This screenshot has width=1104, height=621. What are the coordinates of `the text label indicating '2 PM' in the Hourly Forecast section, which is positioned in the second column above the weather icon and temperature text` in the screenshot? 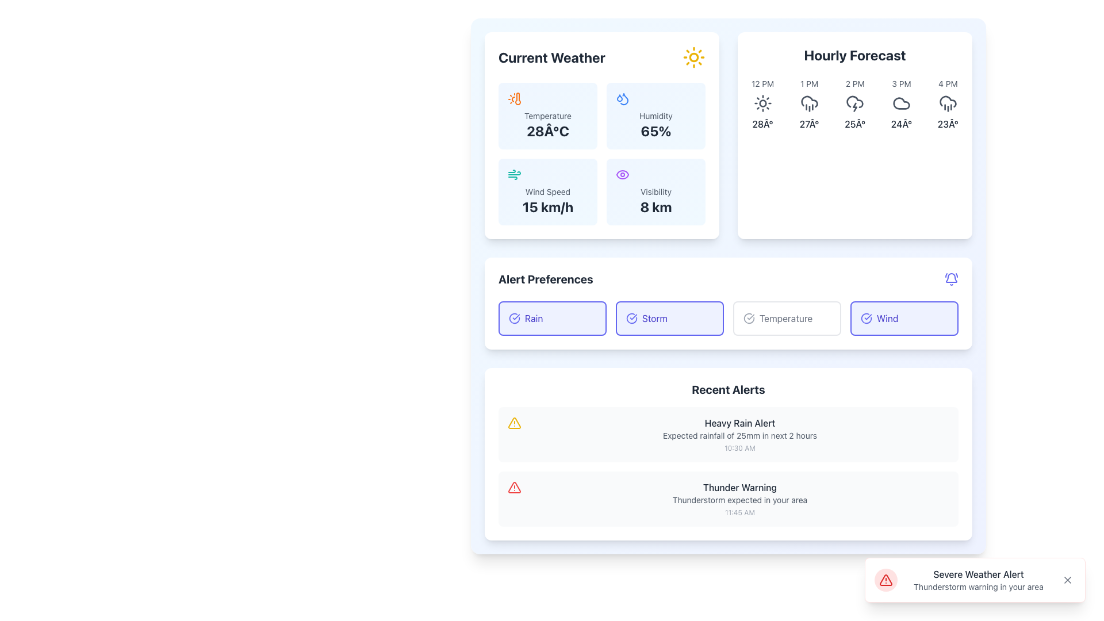 It's located at (855, 83).